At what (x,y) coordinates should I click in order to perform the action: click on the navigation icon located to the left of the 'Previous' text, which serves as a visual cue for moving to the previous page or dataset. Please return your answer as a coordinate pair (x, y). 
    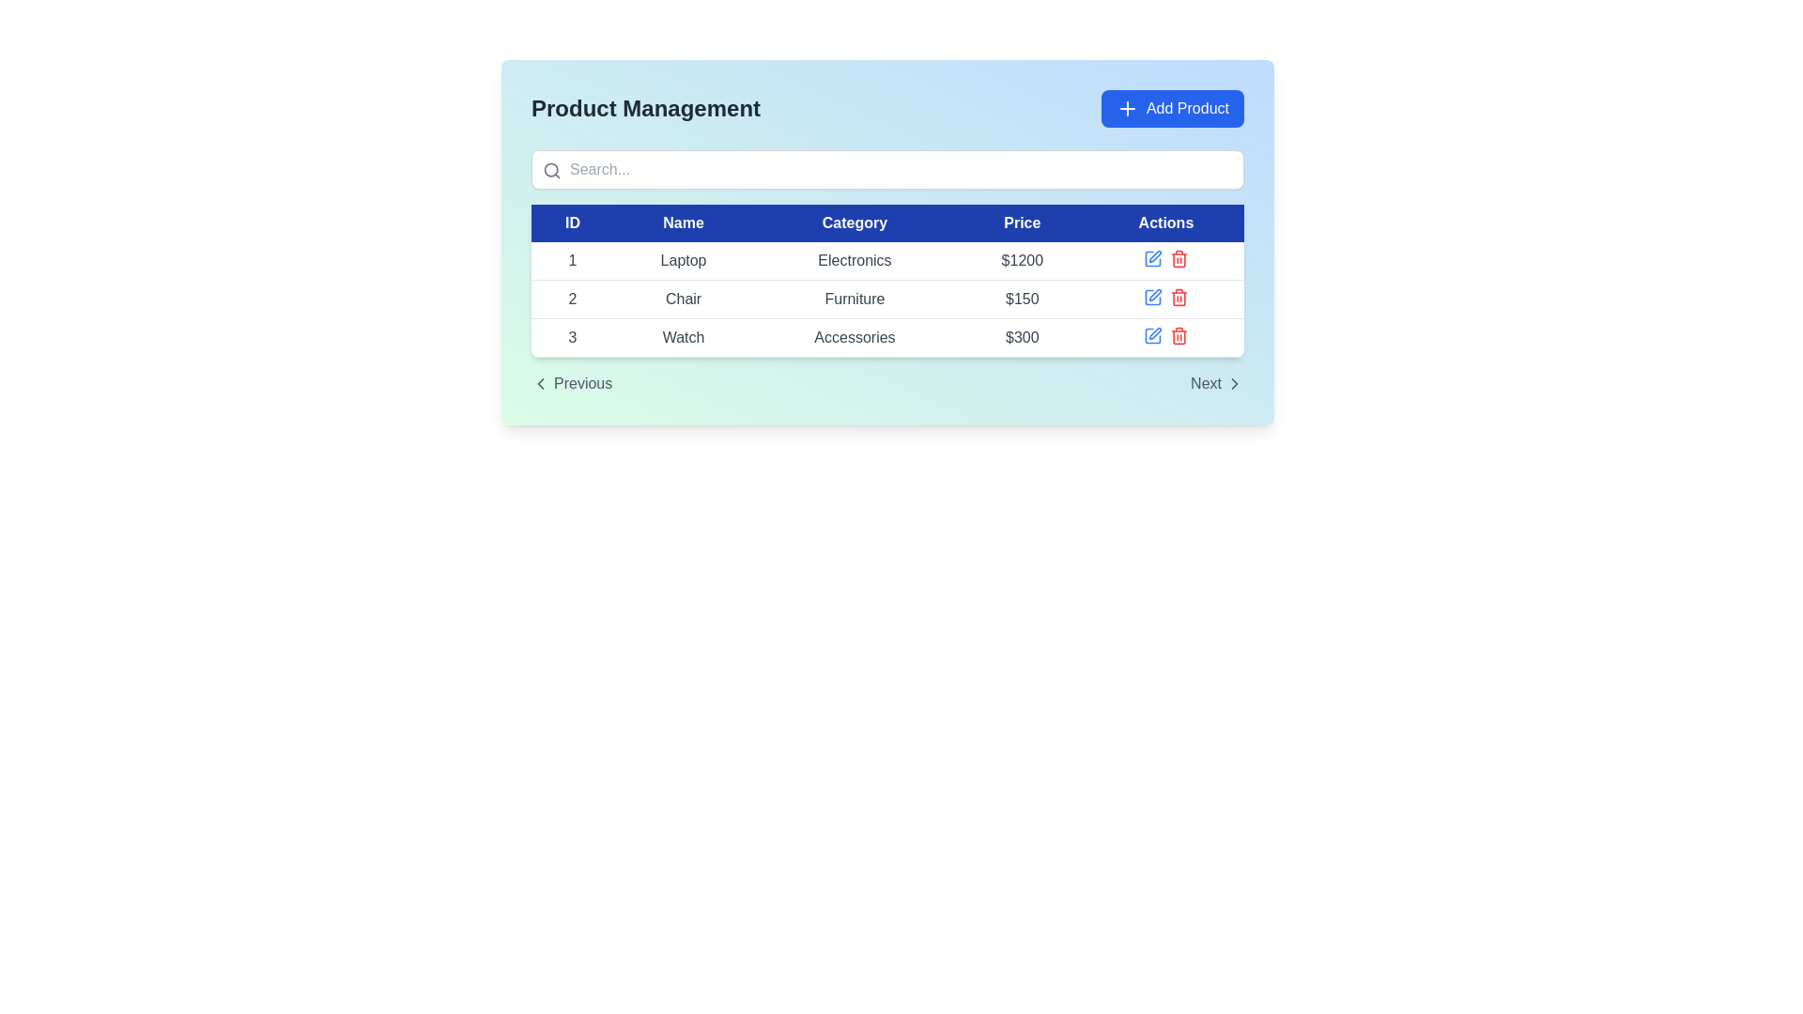
    Looking at the image, I should click on (540, 382).